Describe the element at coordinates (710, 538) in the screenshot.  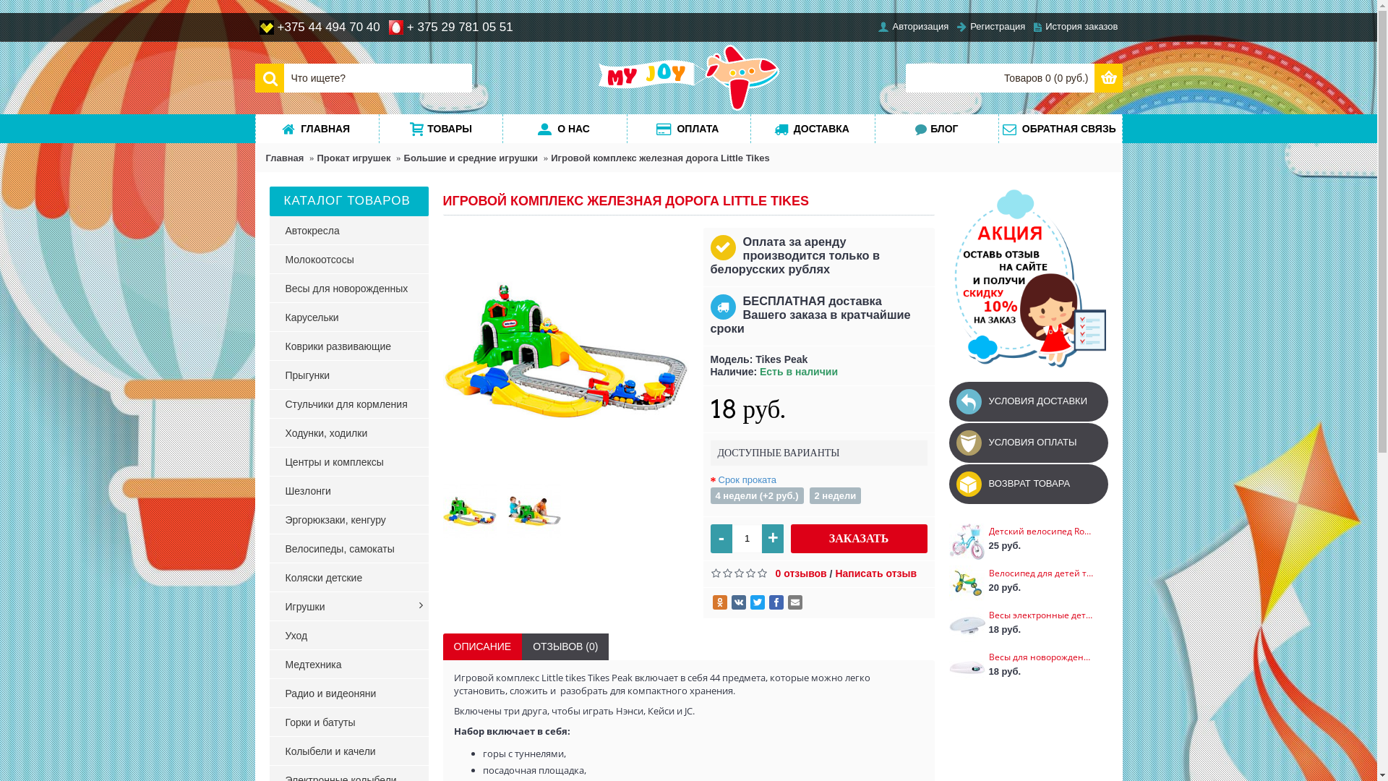
I see `'-'` at that location.